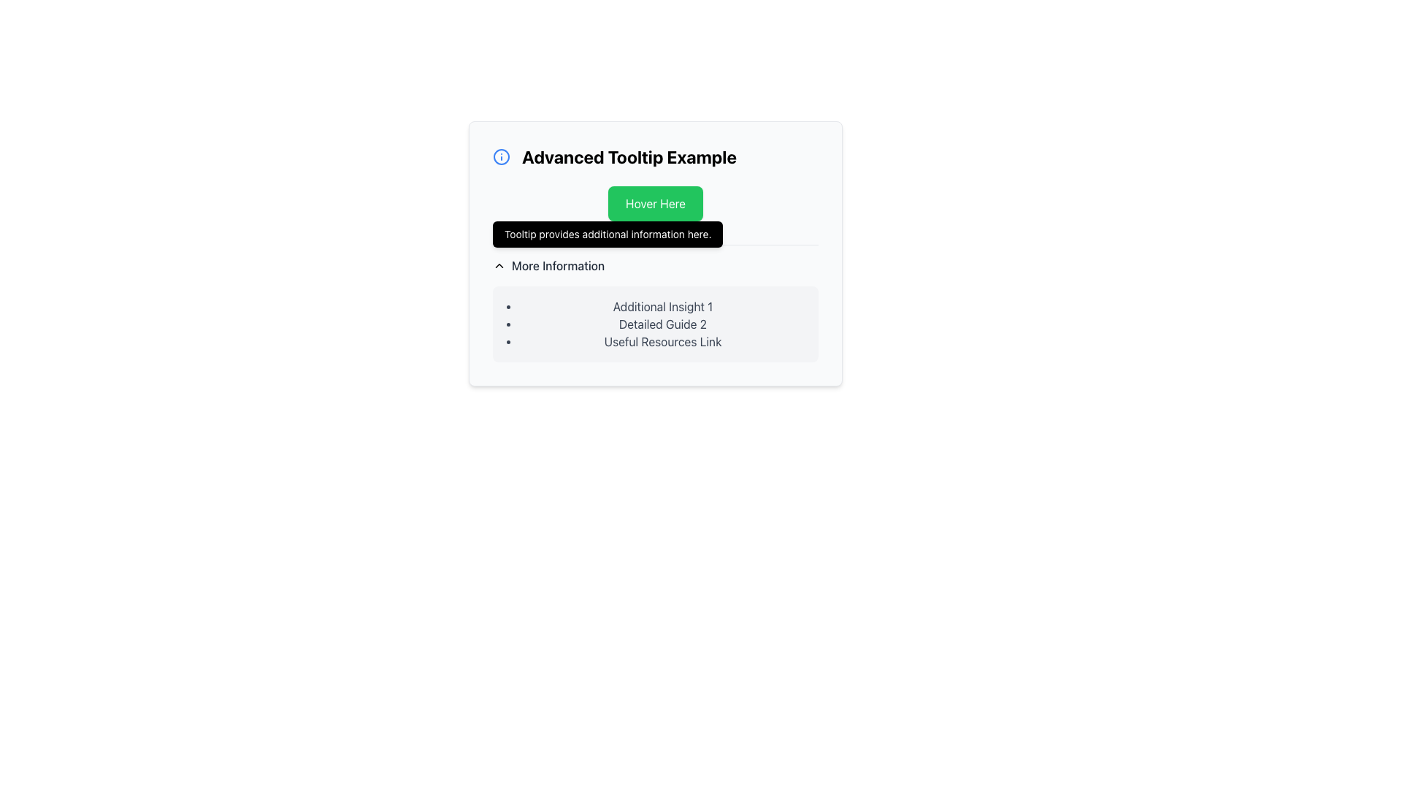 This screenshot has height=789, width=1402. Describe the element at coordinates (501, 157) in the screenshot. I see `the blue circular SVG element that serves as a background in the 'Advanced Tooltip Example' icon` at that location.